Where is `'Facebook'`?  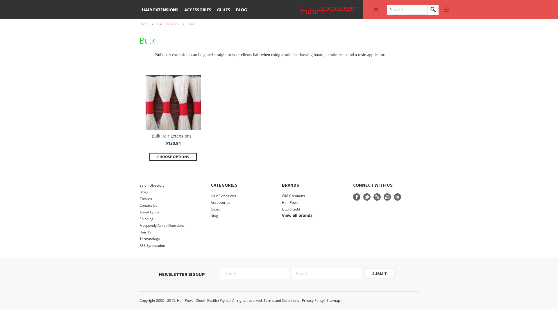
'Facebook' is located at coordinates (356, 197).